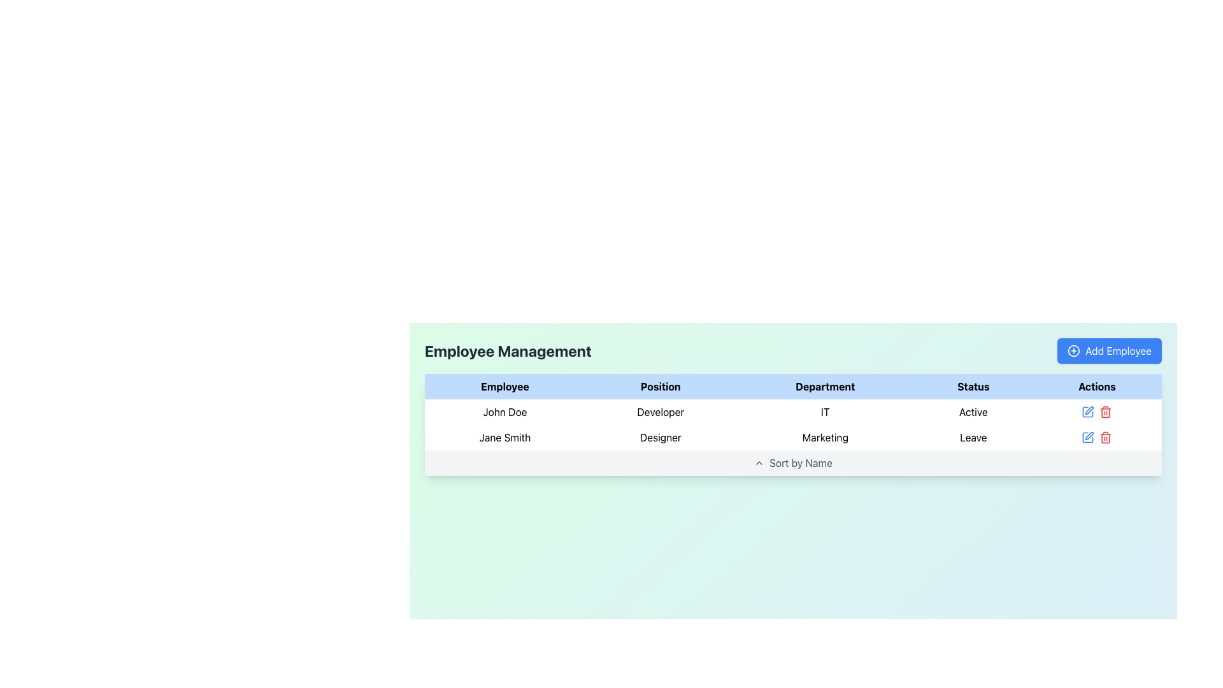 The width and height of the screenshot is (1223, 688). Describe the element at coordinates (1096, 412) in the screenshot. I see `the red outlined delete icon in the 'Actions' column for the employee named 'John Doe'` at that location.